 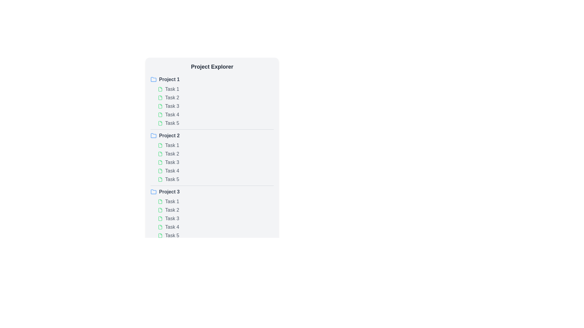 What do you see at coordinates (160, 89) in the screenshot?
I see `the small green file icon located to the left of the text 'Task 1' in the 'Project Explorer', which is the first icon in the row associated with 'Task 1' under 'Project 1'` at bounding box center [160, 89].